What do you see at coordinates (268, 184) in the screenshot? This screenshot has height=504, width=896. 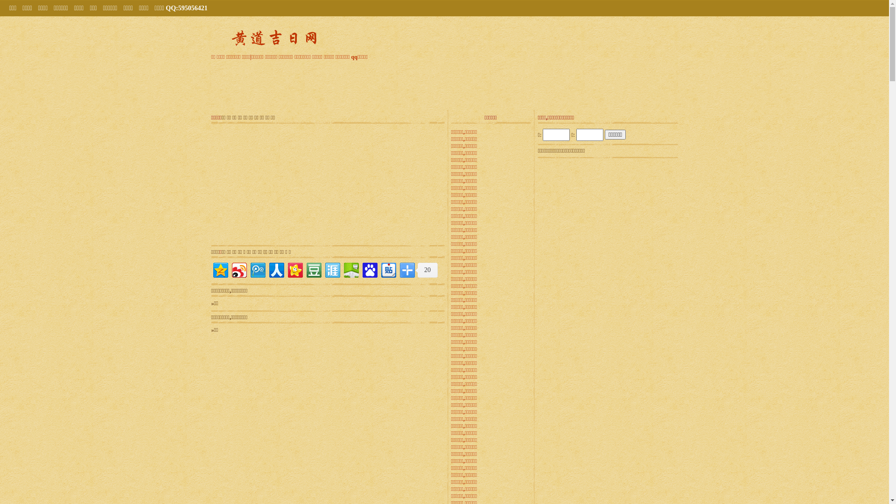 I see `'Advertisement'` at bounding box center [268, 184].